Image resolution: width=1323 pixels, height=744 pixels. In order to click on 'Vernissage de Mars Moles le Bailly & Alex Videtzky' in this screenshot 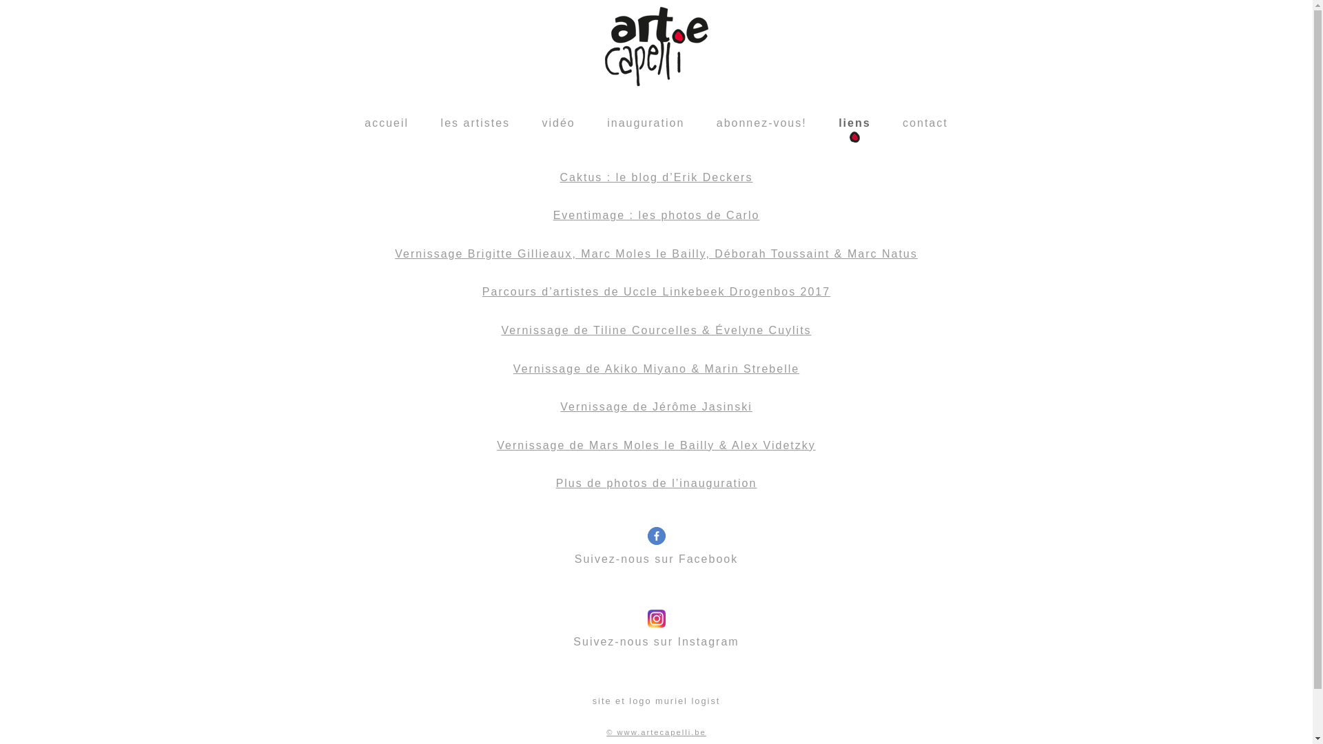, I will do `click(655, 445)`.